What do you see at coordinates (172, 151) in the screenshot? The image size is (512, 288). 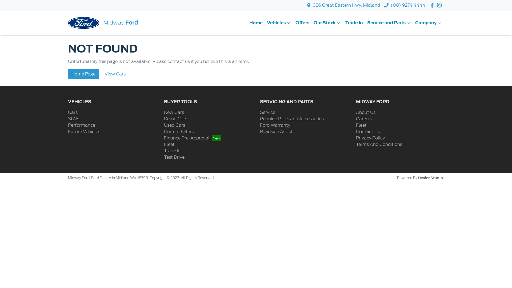 I see `'Trade In'` at bounding box center [172, 151].